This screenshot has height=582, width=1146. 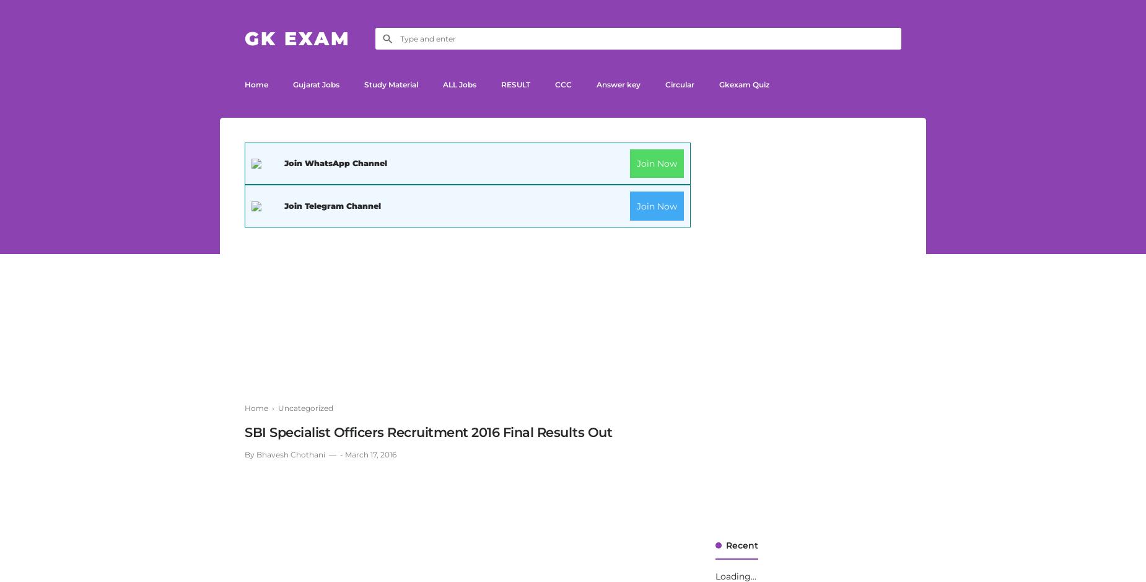 What do you see at coordinates (333, 205) in the screenshot?
I see `'Join Telegram Channel'` at bounding box center [333, 205].